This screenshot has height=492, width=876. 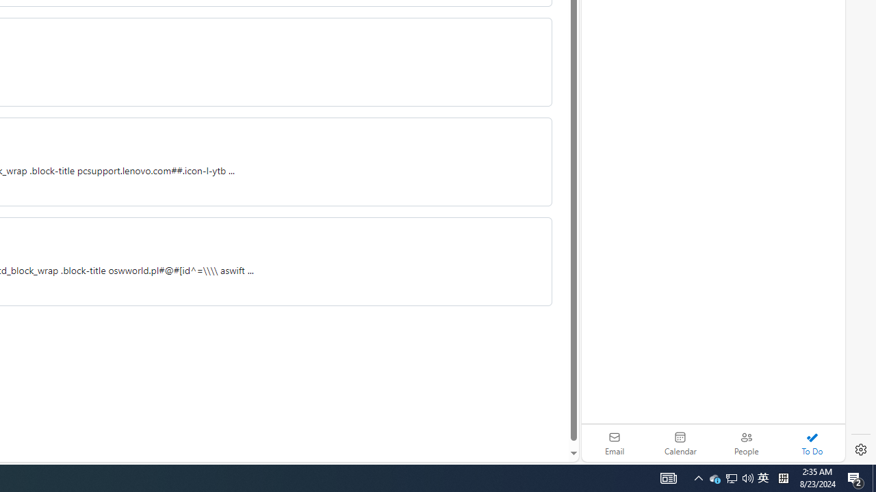 What do you see at coordinates (680, 443) in the screenshot?
I see `'Calendar. Date today is 22'` at bounding box center [680, 443].